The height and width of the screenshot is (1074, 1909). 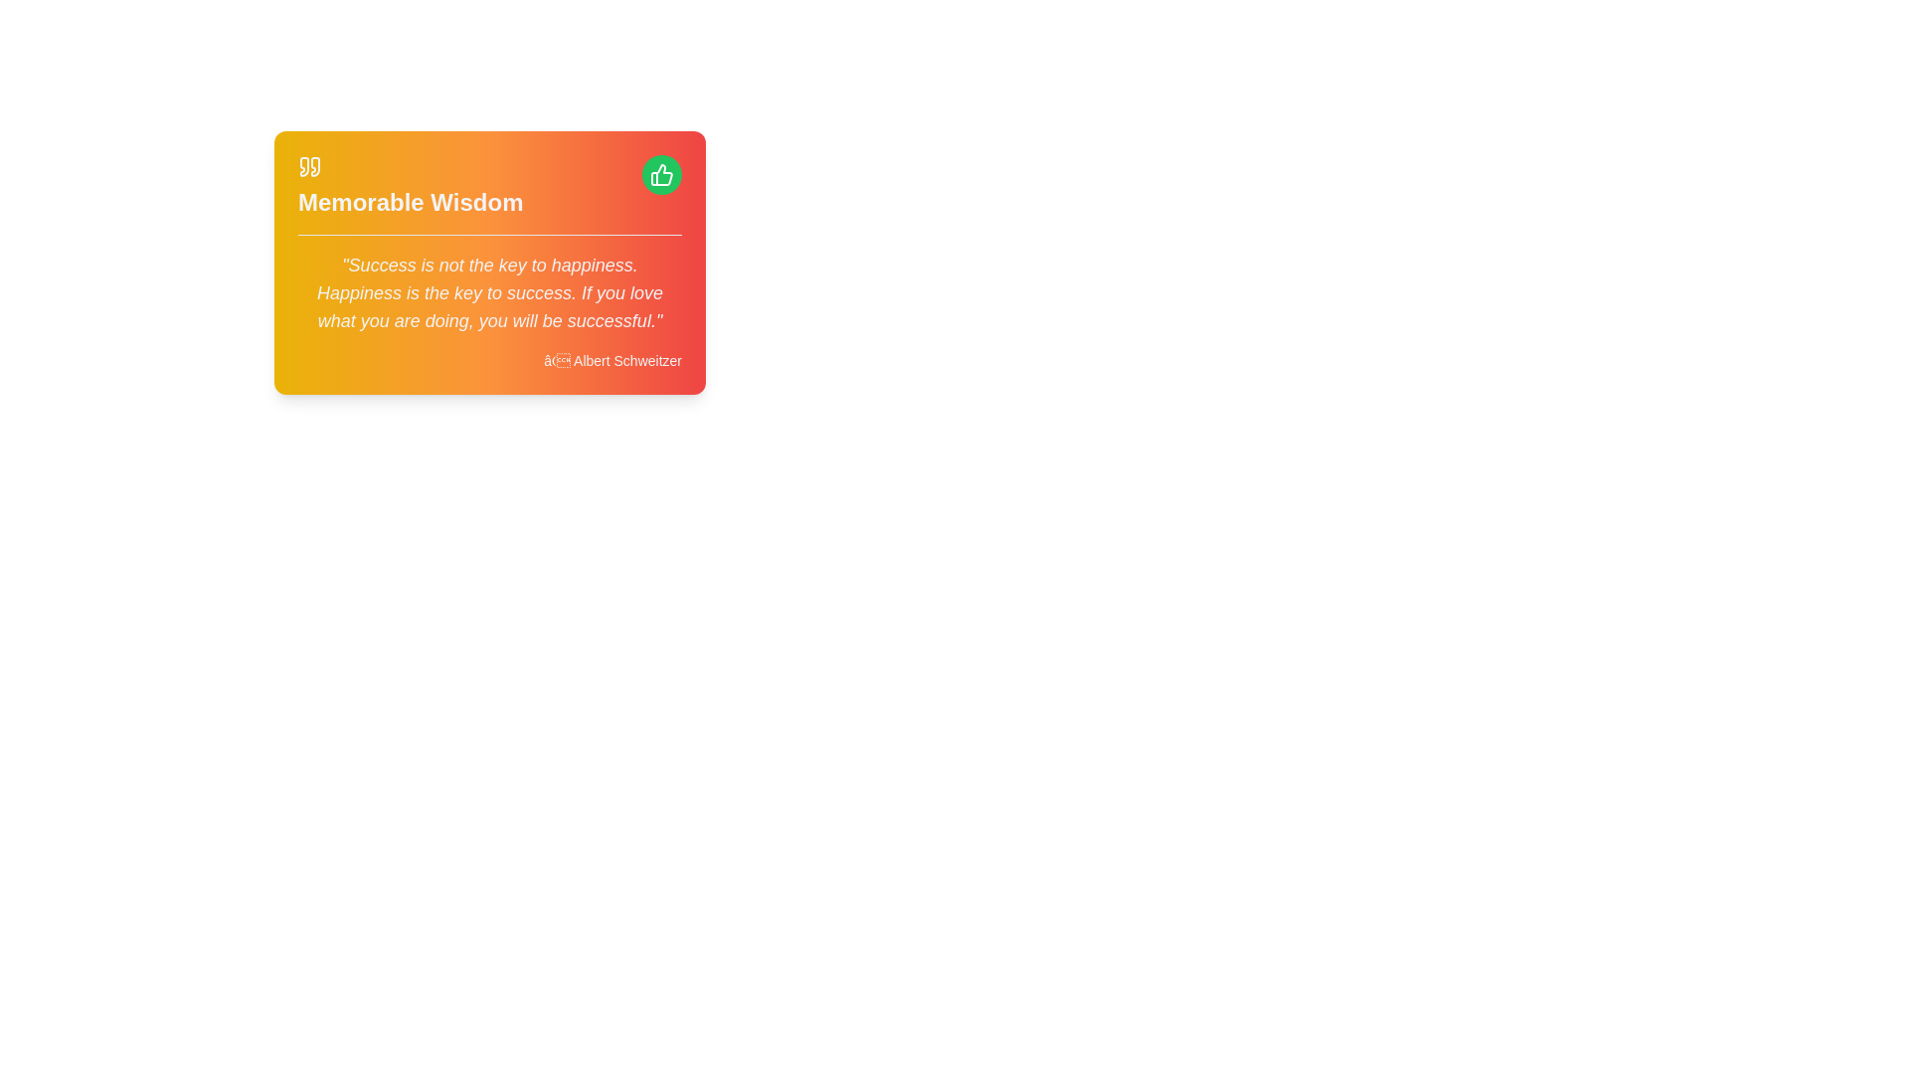 I want to click on the green and white 'thumbs-up' icon located in the upper-right corner of the 'Memorable Wisdom' card, so click(x=661, y=174).